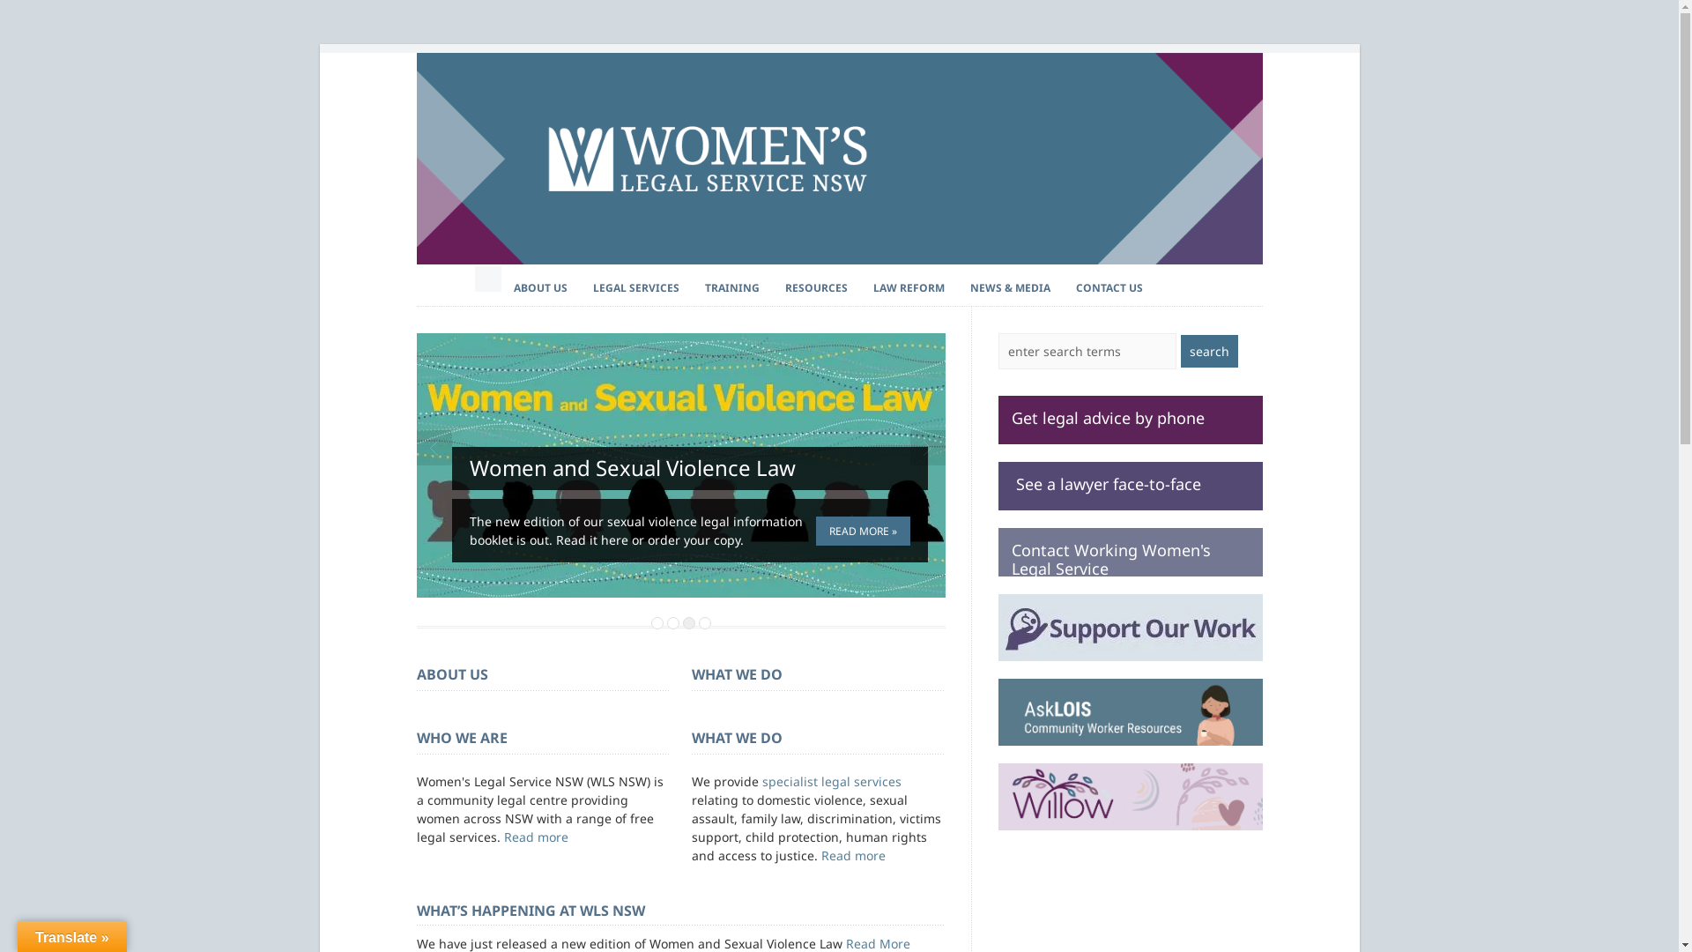 This screenshot has height=952, width=1692. What do you see at coordinates (1193, 278) in the screenshot?
I see `'Connect on Facebook'` at bounding box center [1193, 278].